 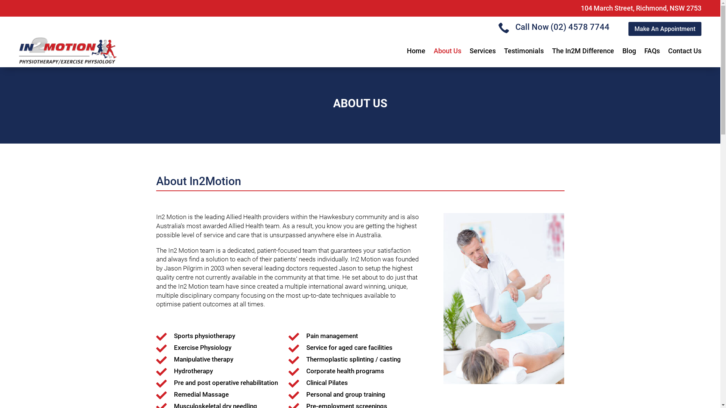 I want to click on 'Testimonials', so click(x=523, y=51).